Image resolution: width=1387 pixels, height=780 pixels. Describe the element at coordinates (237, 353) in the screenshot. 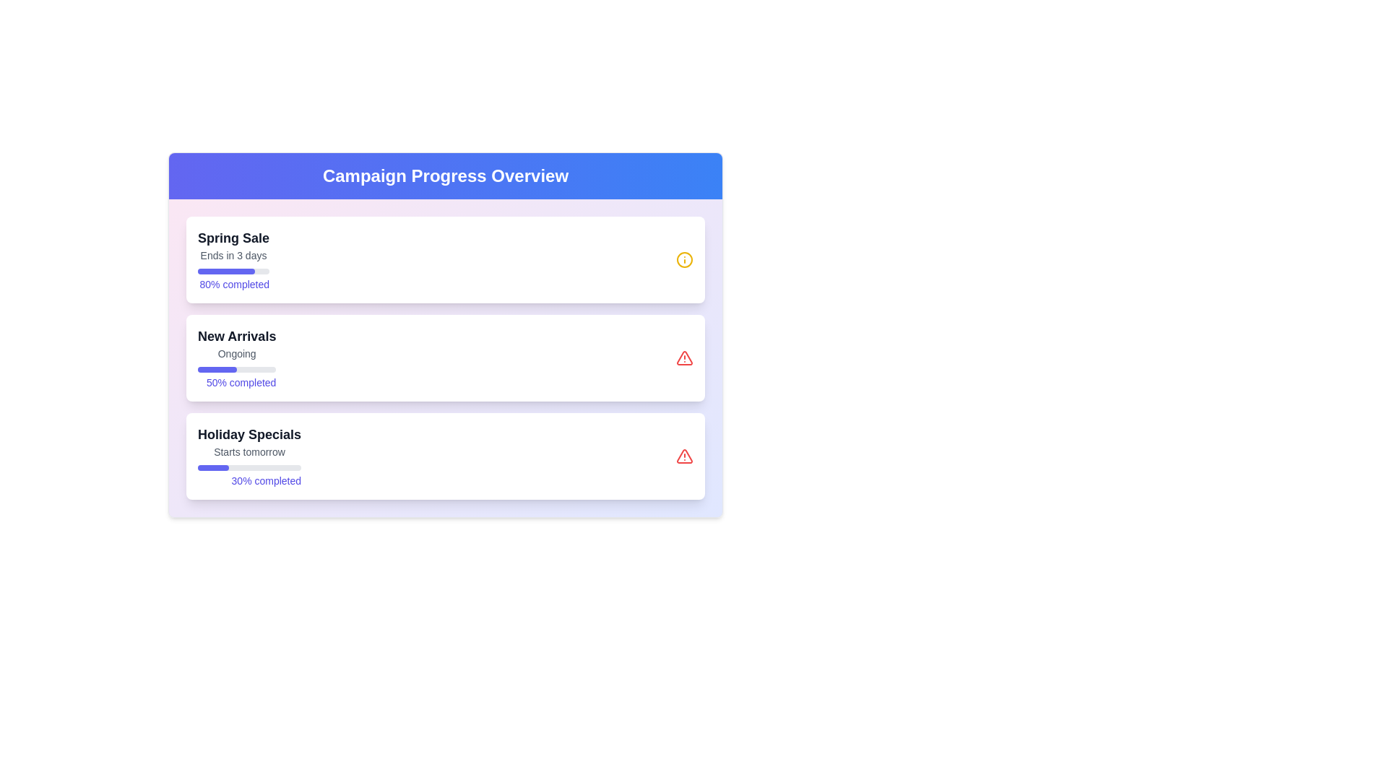

I see `the 'Ongoing' text label, which is a small gray font centrally aligned below the 'New Arrivals' heading` at that location.